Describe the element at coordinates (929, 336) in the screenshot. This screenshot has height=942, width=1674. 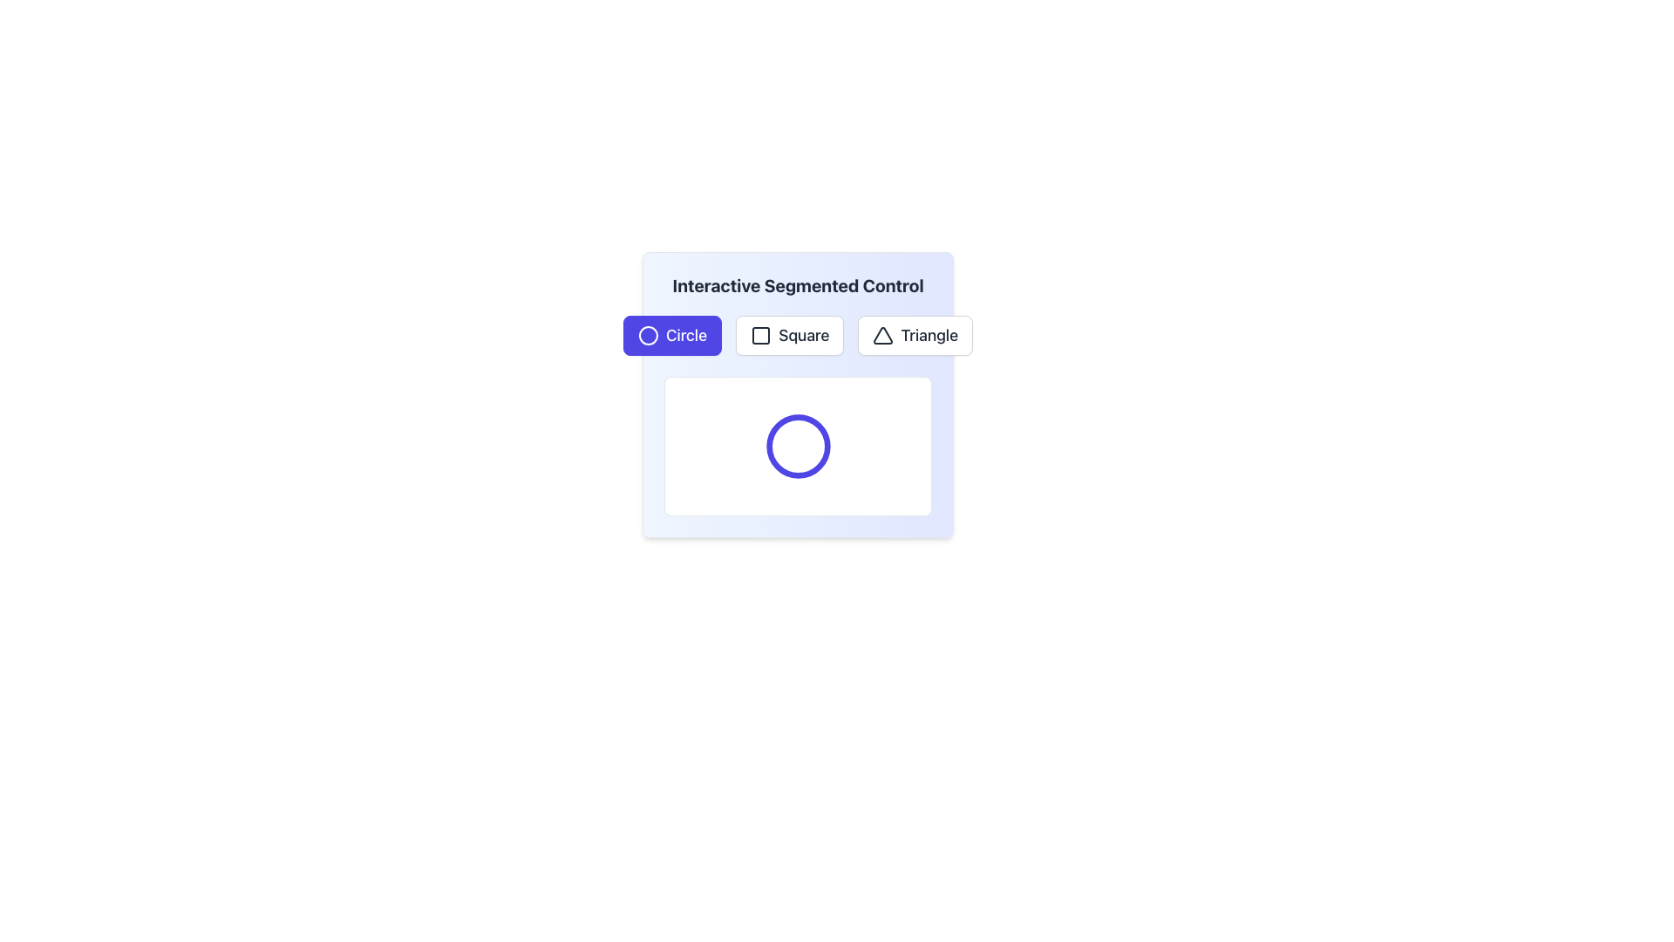
I see `the text content of the third text label that reads 'Triangle', positioned within a horizontal segment control widget` at that location.